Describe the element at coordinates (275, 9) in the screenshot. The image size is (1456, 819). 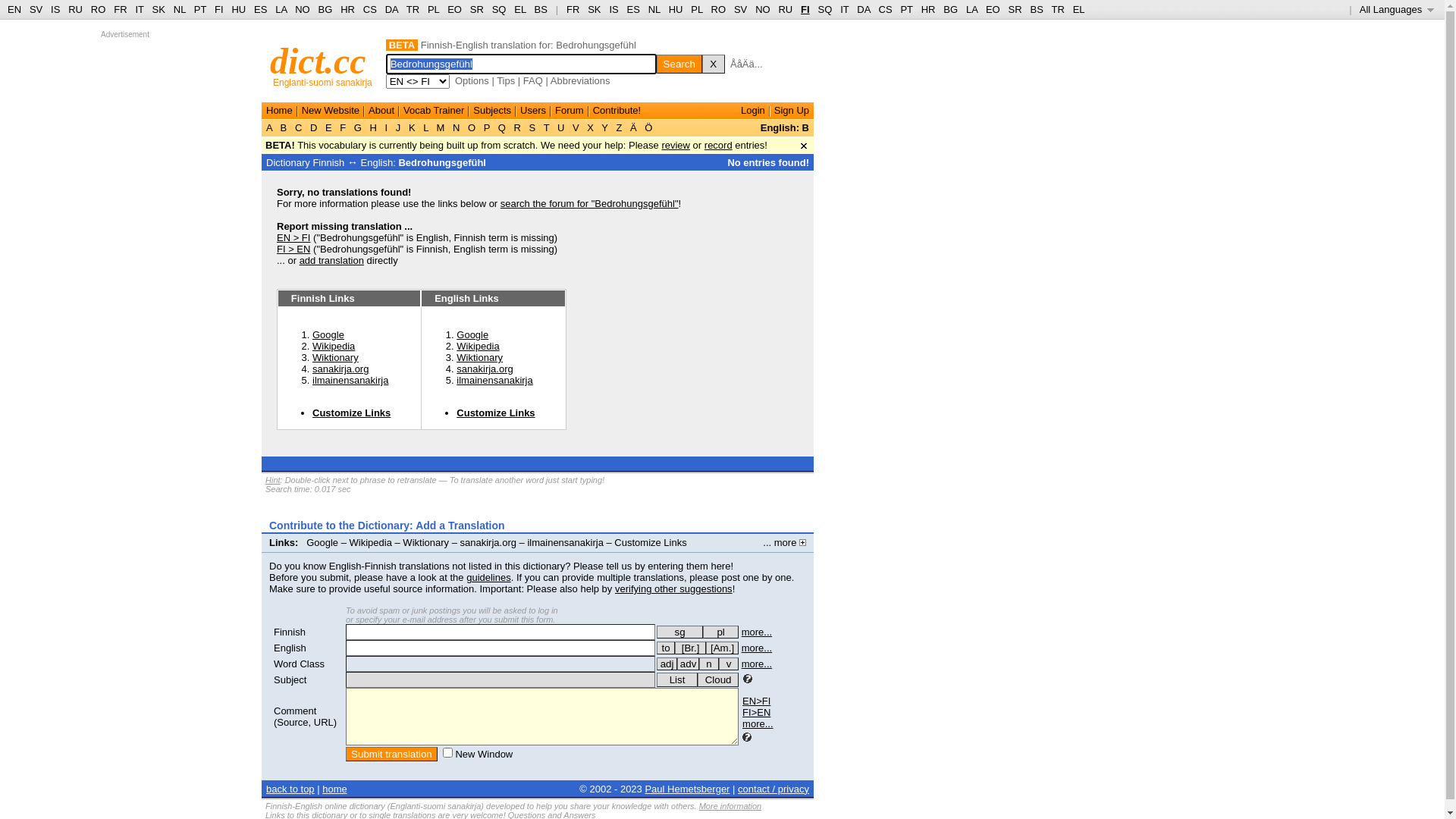
I see `'LA'` at that location.